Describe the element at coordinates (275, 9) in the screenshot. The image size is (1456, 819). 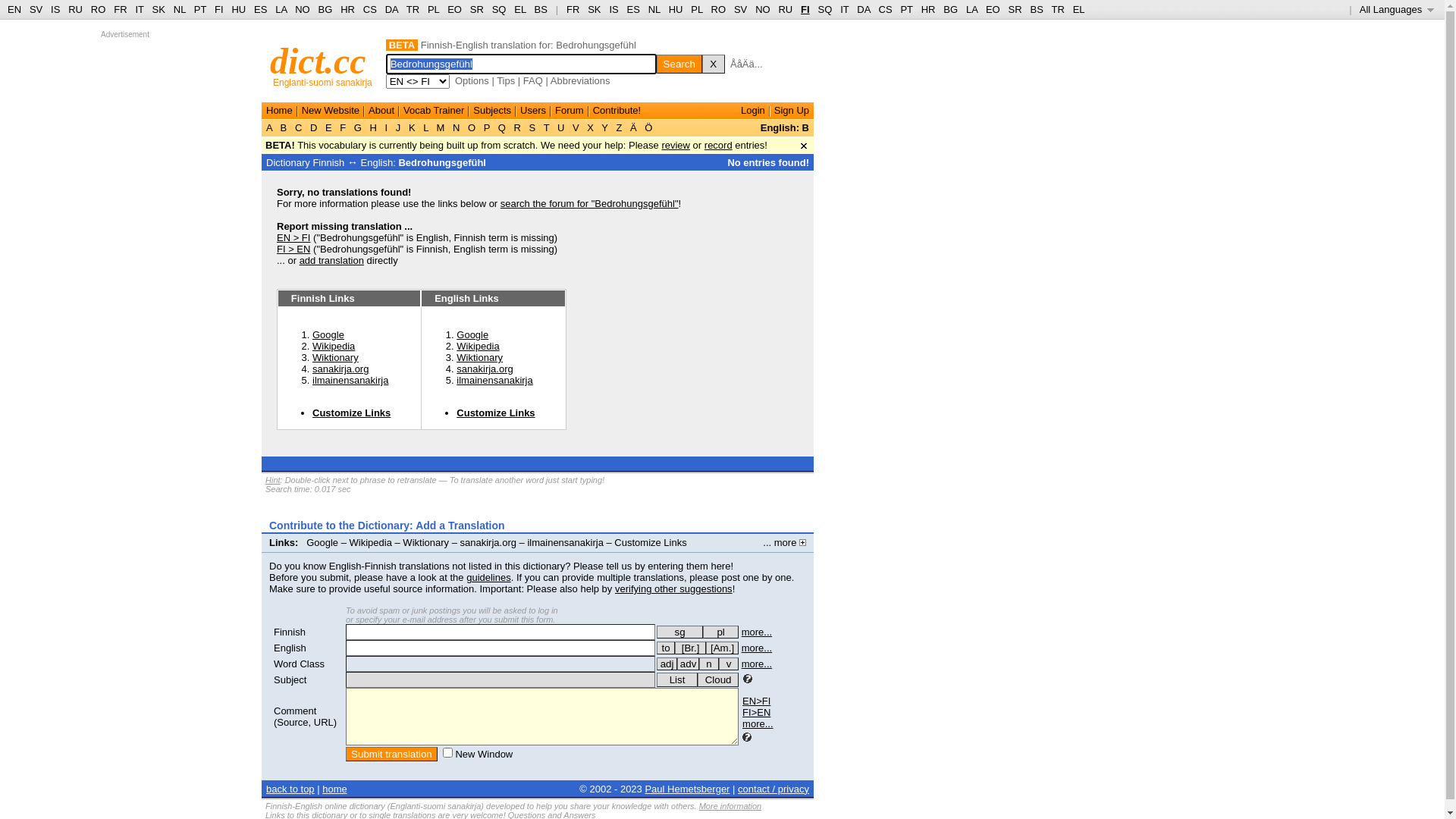
I see `'LA'` at that location.